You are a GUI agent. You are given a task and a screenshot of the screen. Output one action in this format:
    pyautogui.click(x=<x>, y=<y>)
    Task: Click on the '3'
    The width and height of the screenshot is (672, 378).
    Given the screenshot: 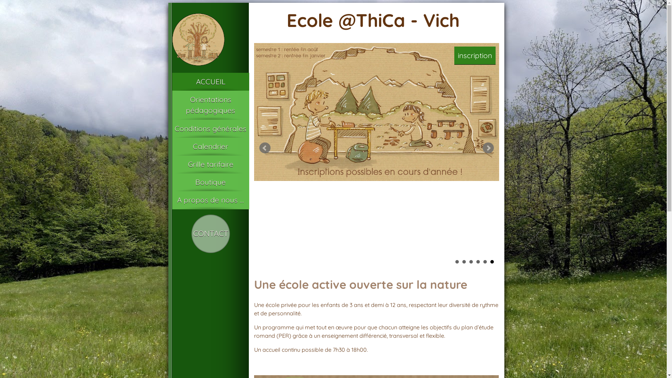 What is the action you would take?
    pyautogui.click(x=470, y=262)
    